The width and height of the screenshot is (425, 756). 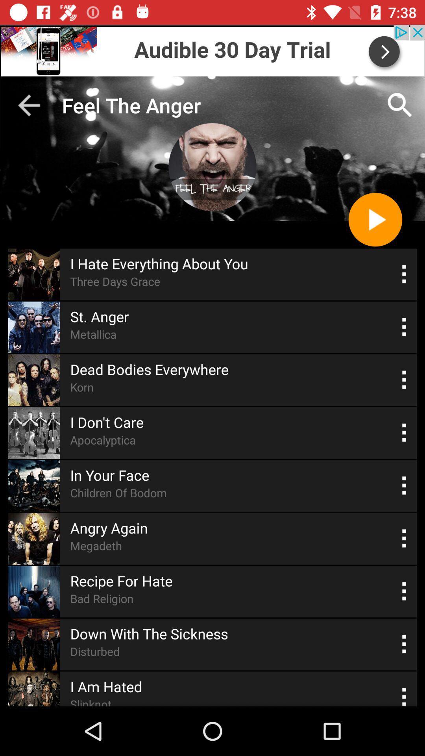 I want to click on switch auto play option, so click(x=404, y=485).